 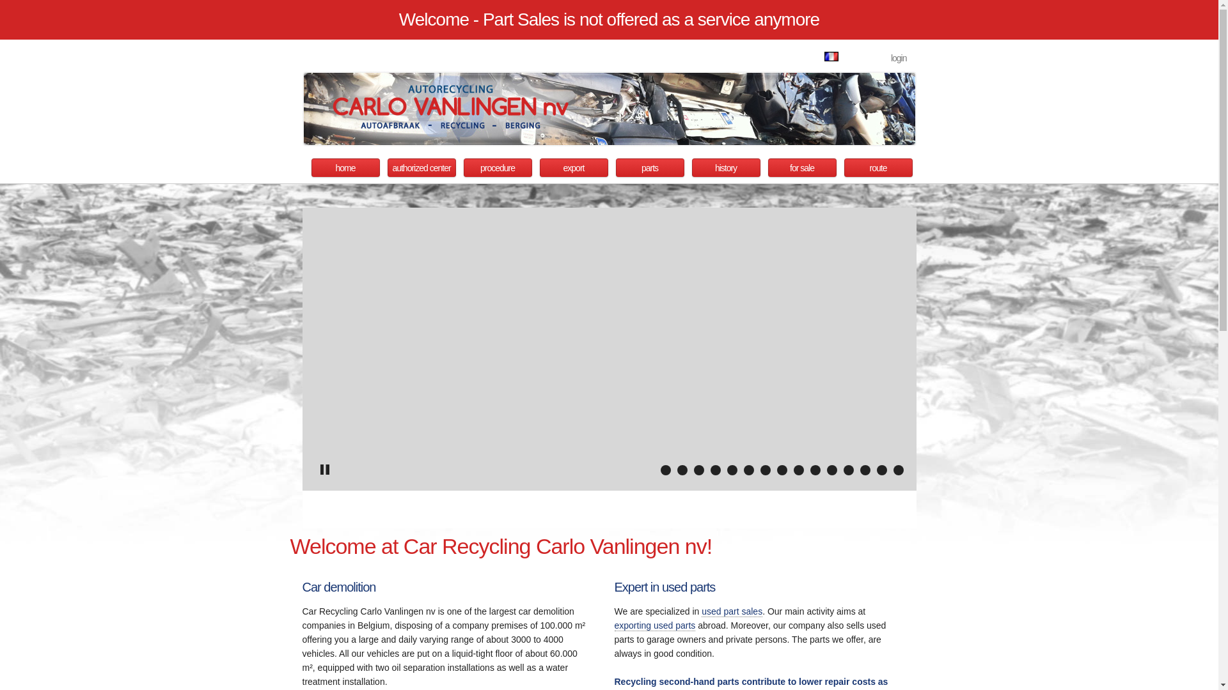 I want to click on 'exporting used parts', so click(x=654, y=625).